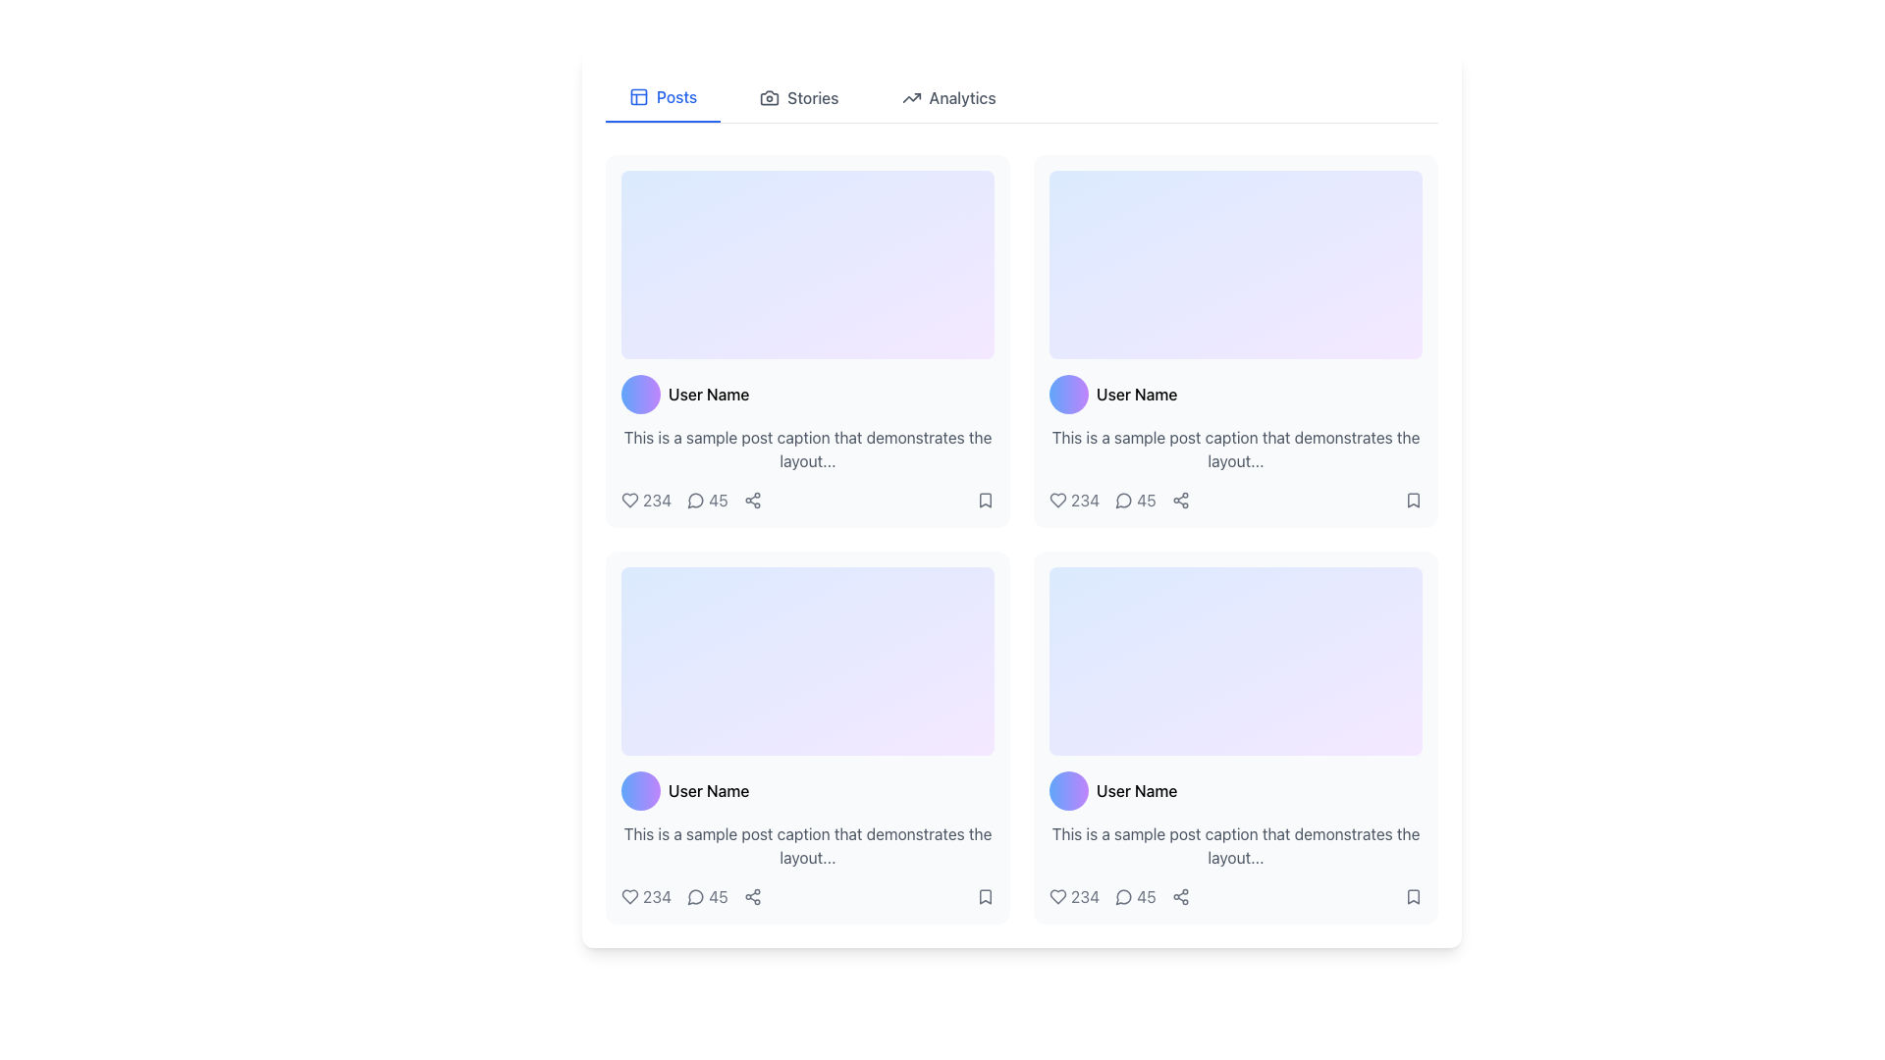 The height and width of the screenshot is (1060, 1885). I want to click on the bookmarking icon located in the bottom-right corner of the lower-right card, so click(985, 897).